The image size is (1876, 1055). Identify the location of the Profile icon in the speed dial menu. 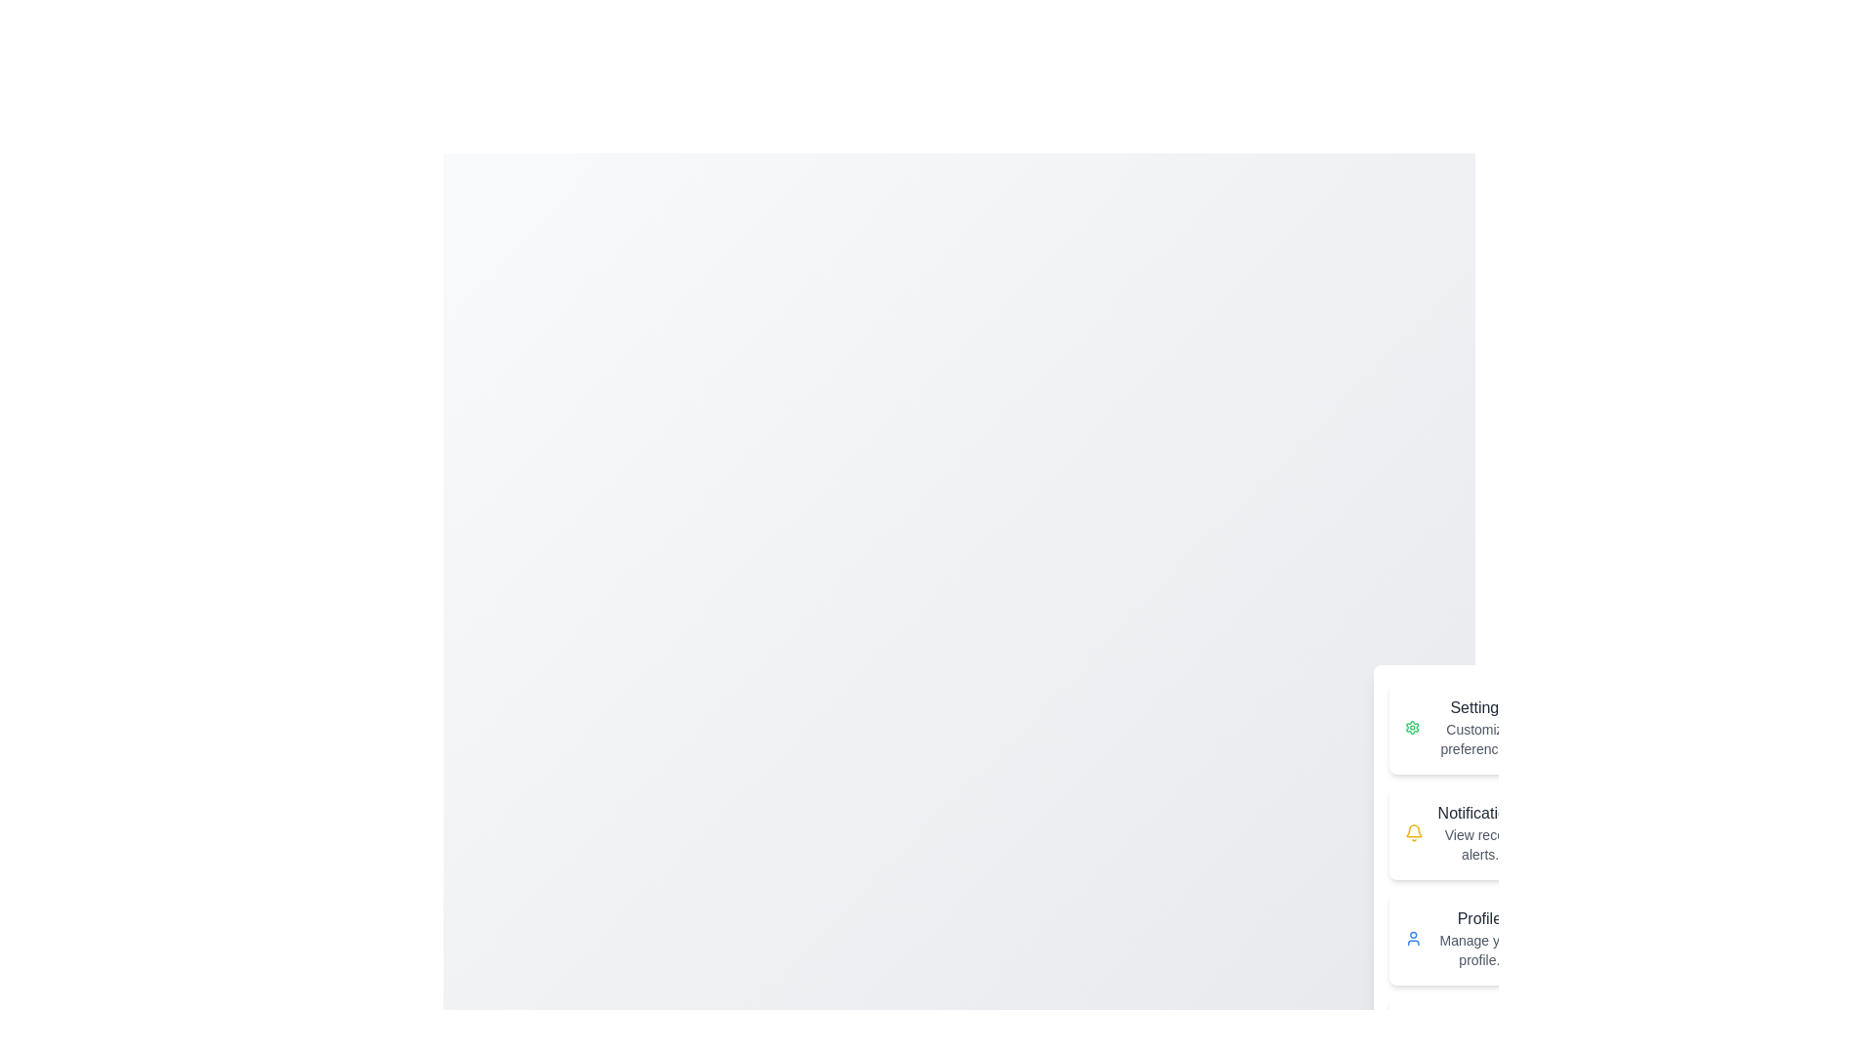
(1413, 937).